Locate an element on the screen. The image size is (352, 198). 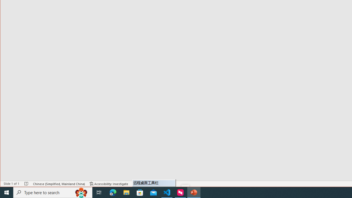
'Type here to search' is located at coordinates (53, 192).